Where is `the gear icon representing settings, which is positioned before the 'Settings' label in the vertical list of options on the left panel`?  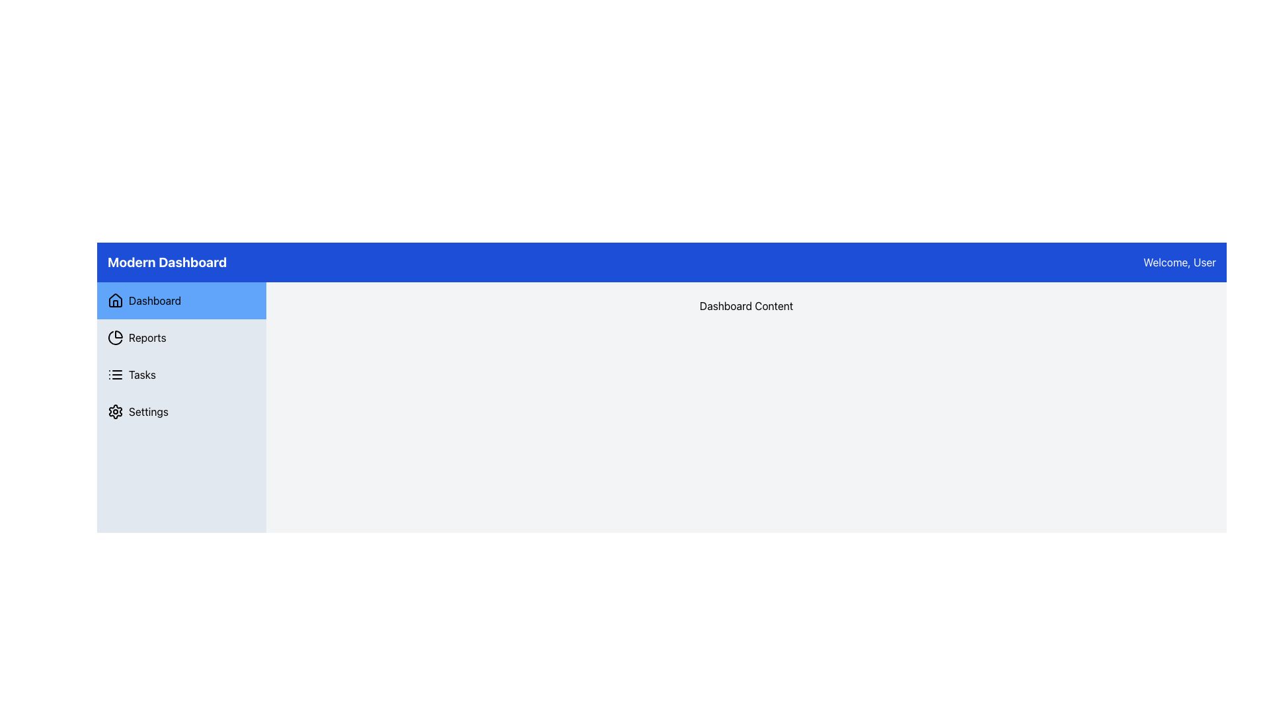 the gear icon representing settings, which is positioned before the 'Settings' label in the vertical list of options on the left panel is located at coordinates (115, 411).